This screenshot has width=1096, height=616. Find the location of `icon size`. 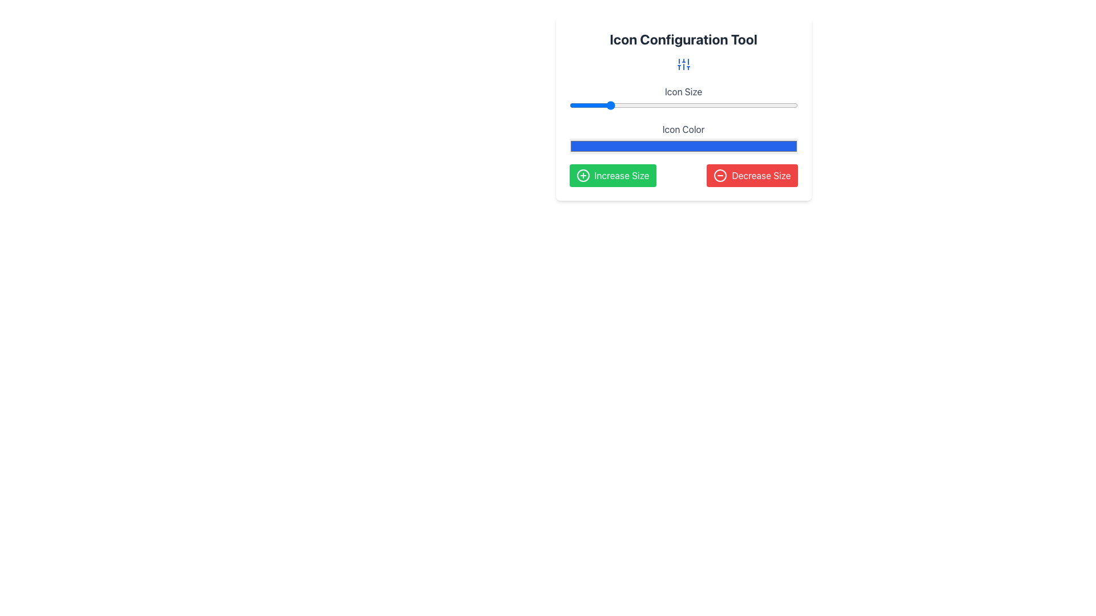

icon size is located at coordinates (569, 106).